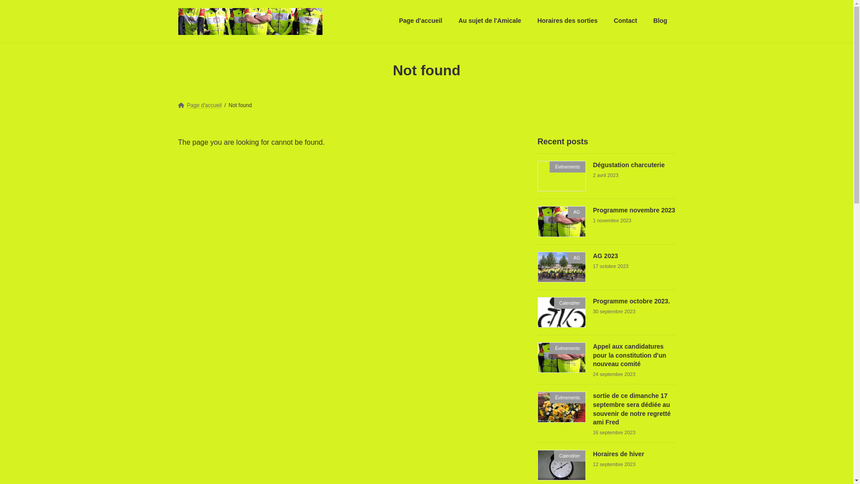  I want to click on 'Contact', so click(625, 20).